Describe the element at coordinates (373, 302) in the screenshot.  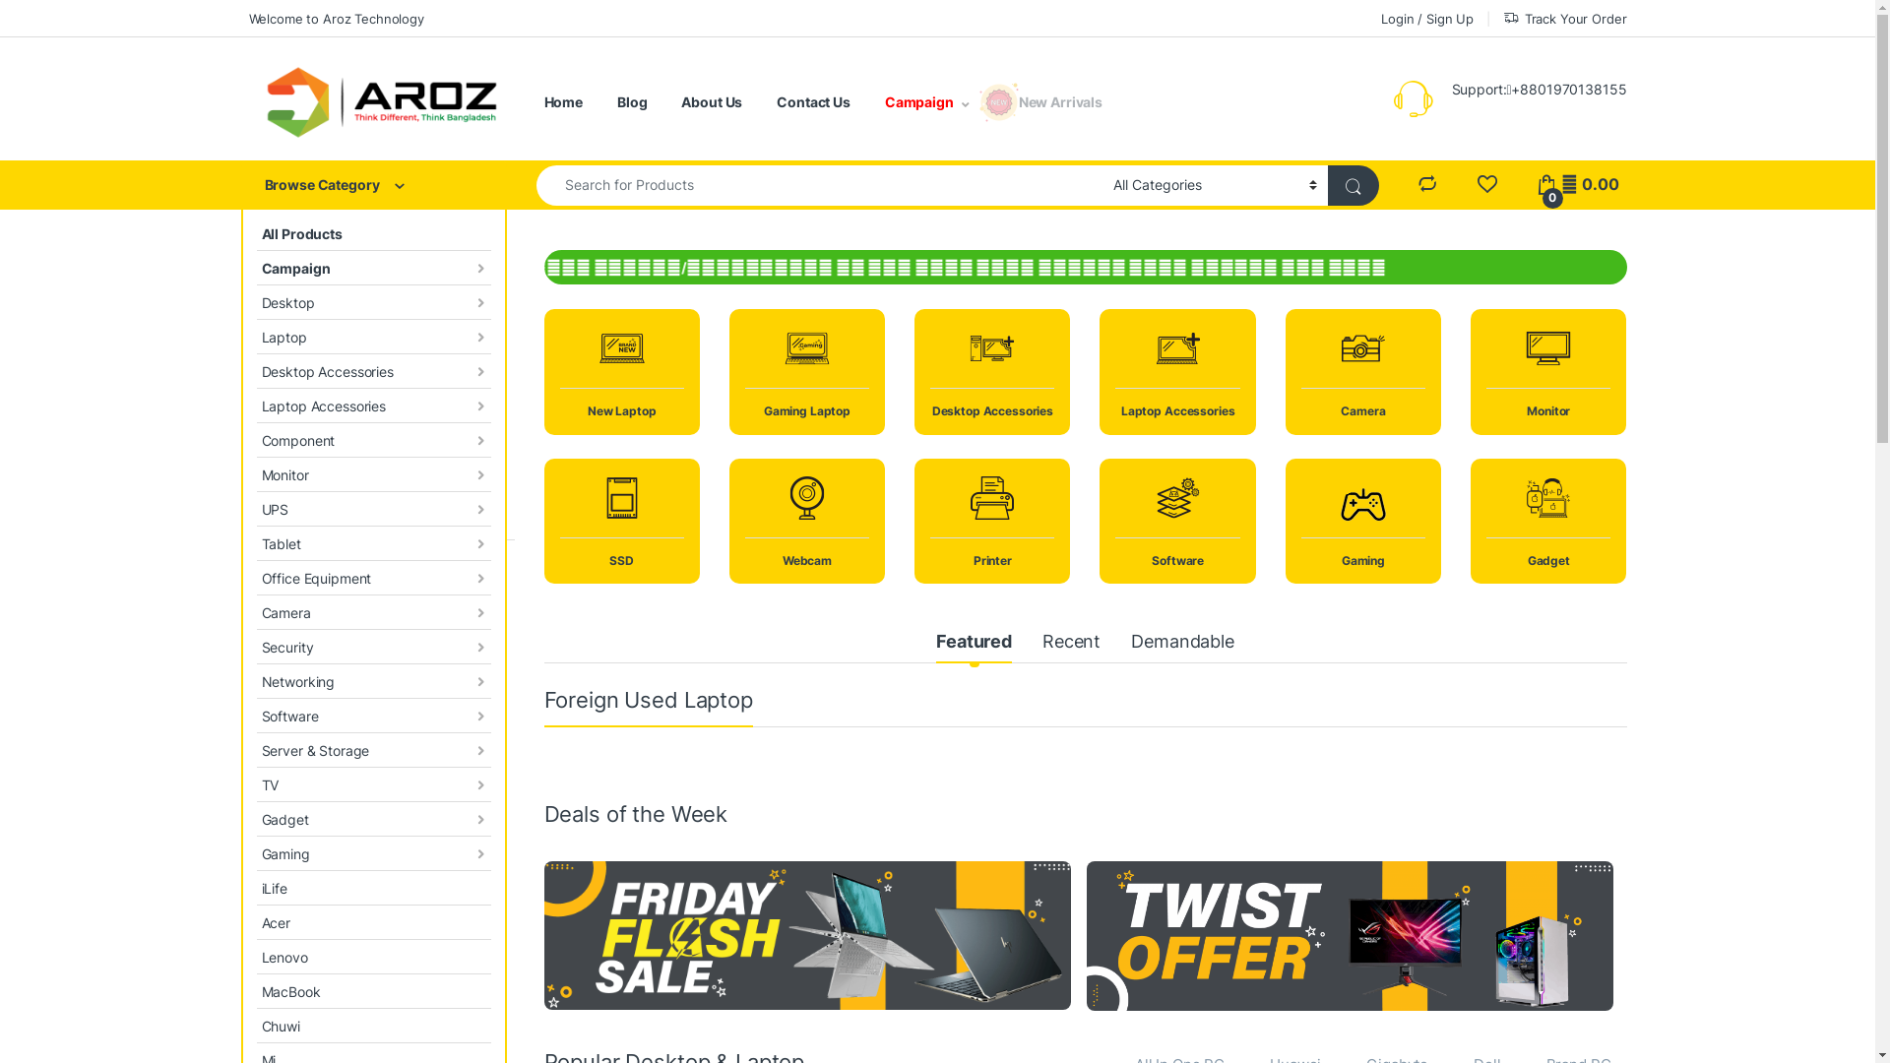
I see `'Desktop'` at that location.